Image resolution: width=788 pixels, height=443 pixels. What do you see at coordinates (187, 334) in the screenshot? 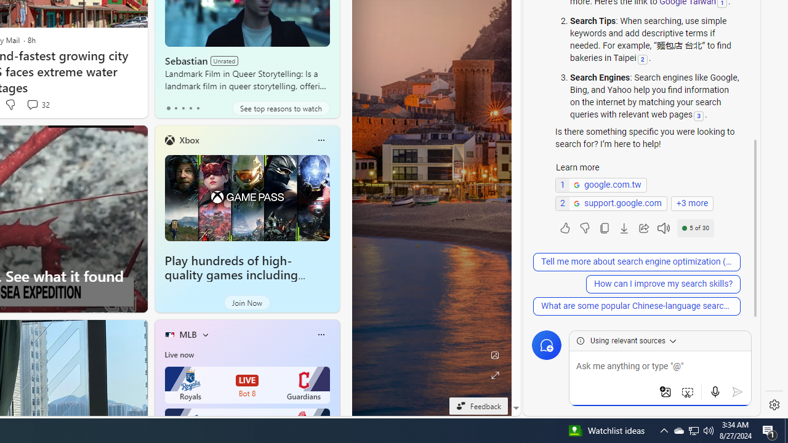
I see `'MLB'` at bounding box center [187, 334].